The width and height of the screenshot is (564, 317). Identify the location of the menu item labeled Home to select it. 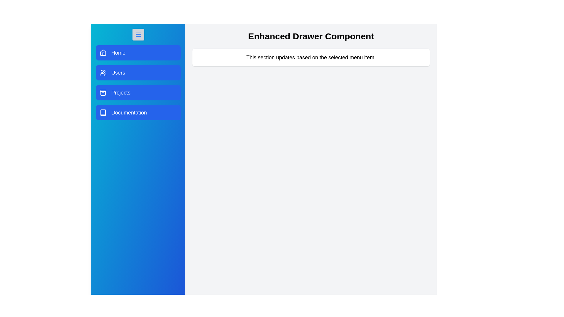
(138, 53).